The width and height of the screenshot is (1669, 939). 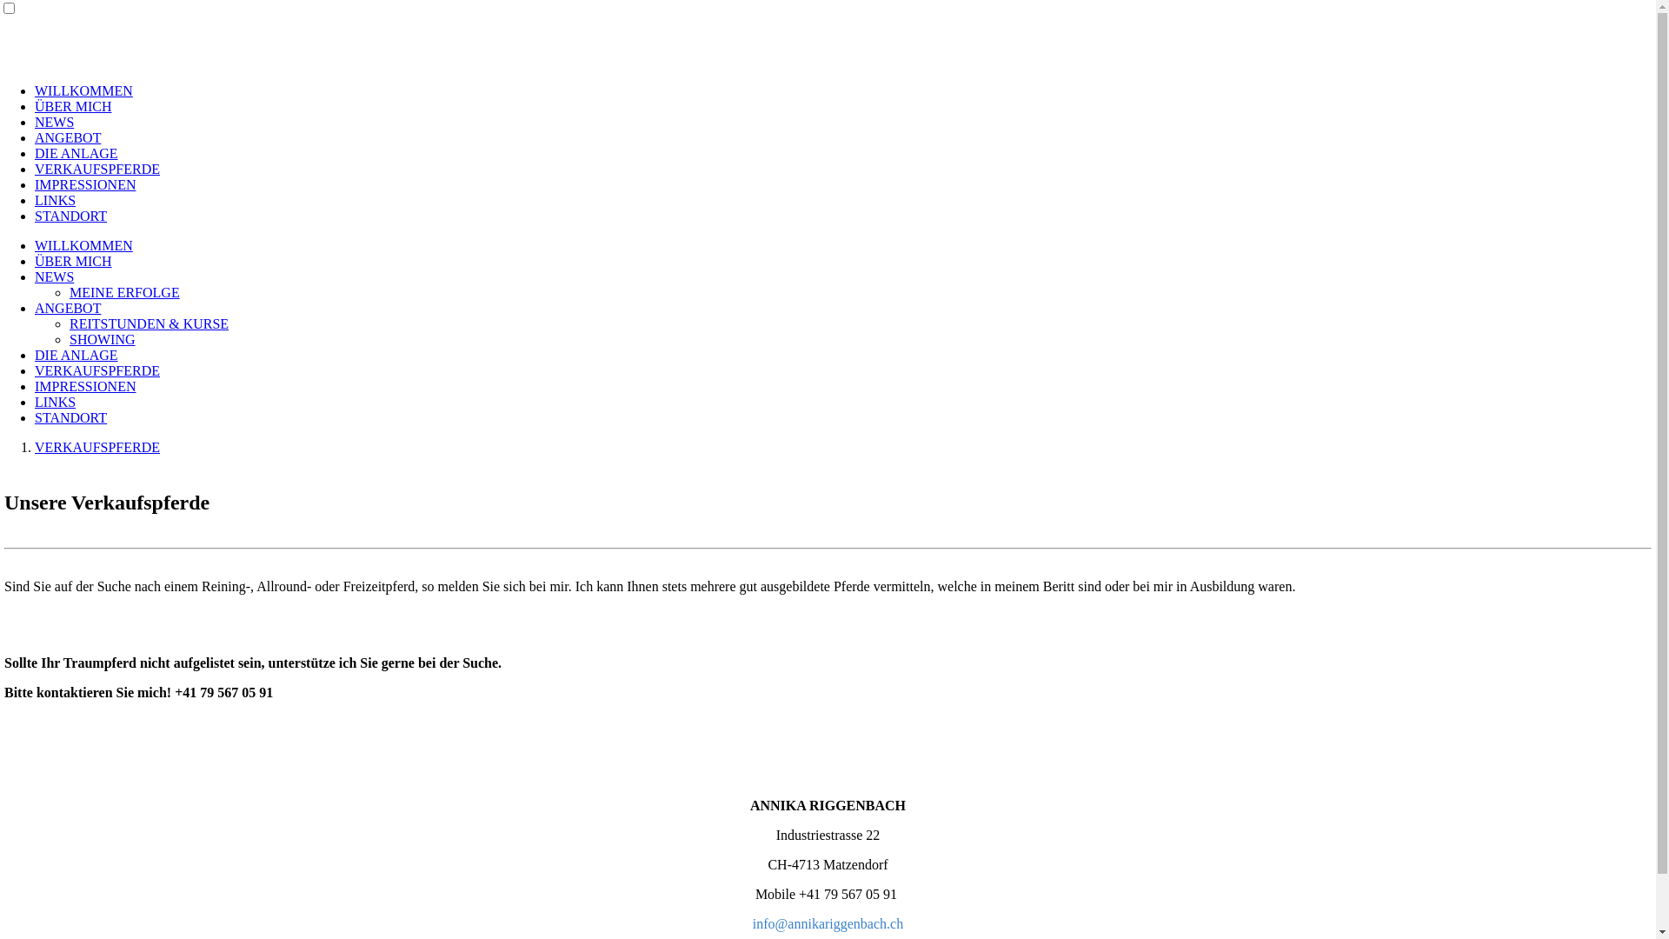 I want to click on 'STANDORT', so click(x=70, y=417).